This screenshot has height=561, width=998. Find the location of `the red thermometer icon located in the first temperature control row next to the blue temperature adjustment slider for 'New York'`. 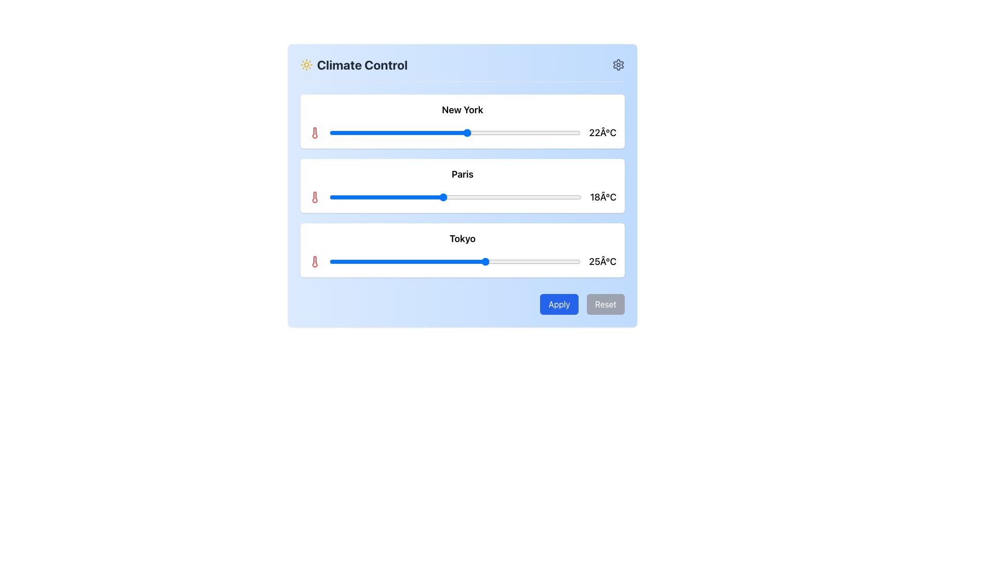

the red thermometer icon located in the first temperature control row next to the blue temperature adjustment slider for 'New York' is located at coordinates (314, 132).